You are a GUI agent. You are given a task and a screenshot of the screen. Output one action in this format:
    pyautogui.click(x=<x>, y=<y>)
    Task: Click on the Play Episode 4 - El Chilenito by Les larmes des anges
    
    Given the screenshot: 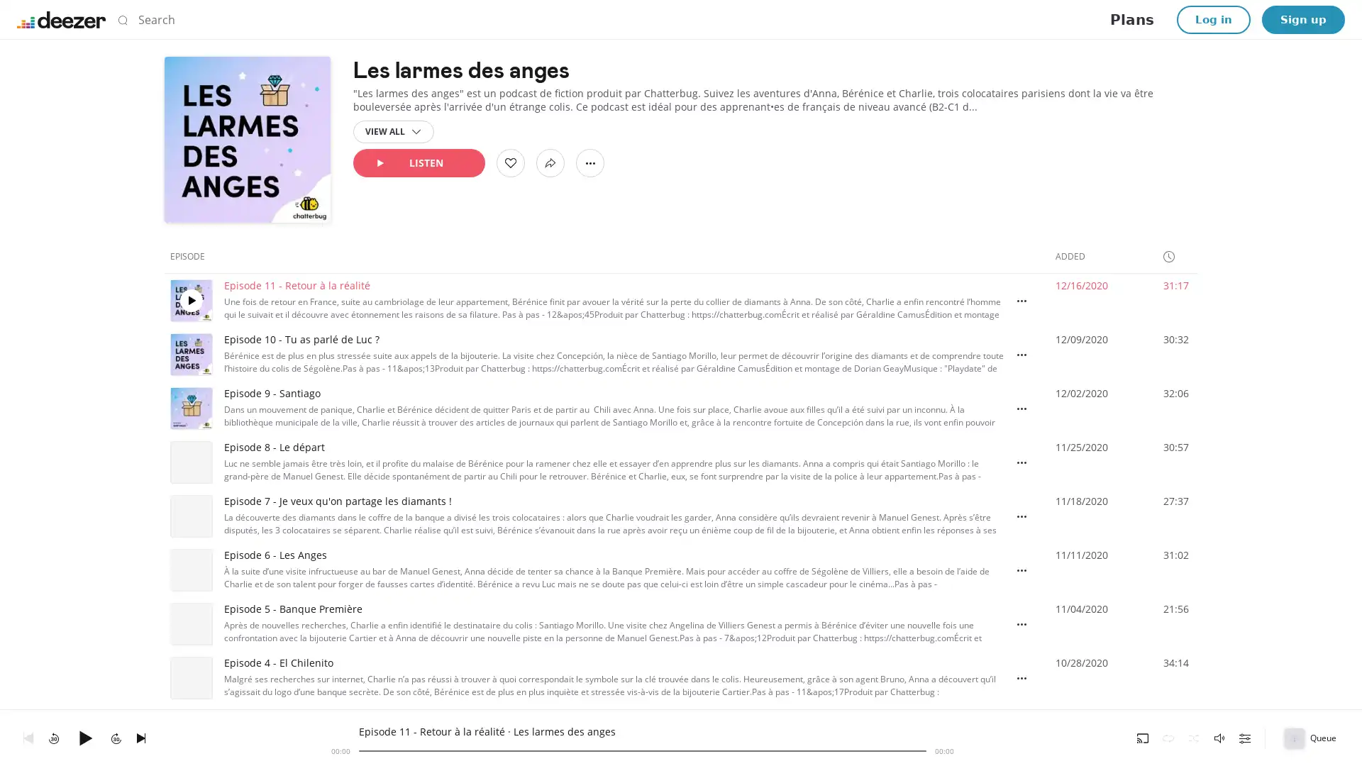 What is the action you would take?
    pyautogui.click(x=190, y=677)
    